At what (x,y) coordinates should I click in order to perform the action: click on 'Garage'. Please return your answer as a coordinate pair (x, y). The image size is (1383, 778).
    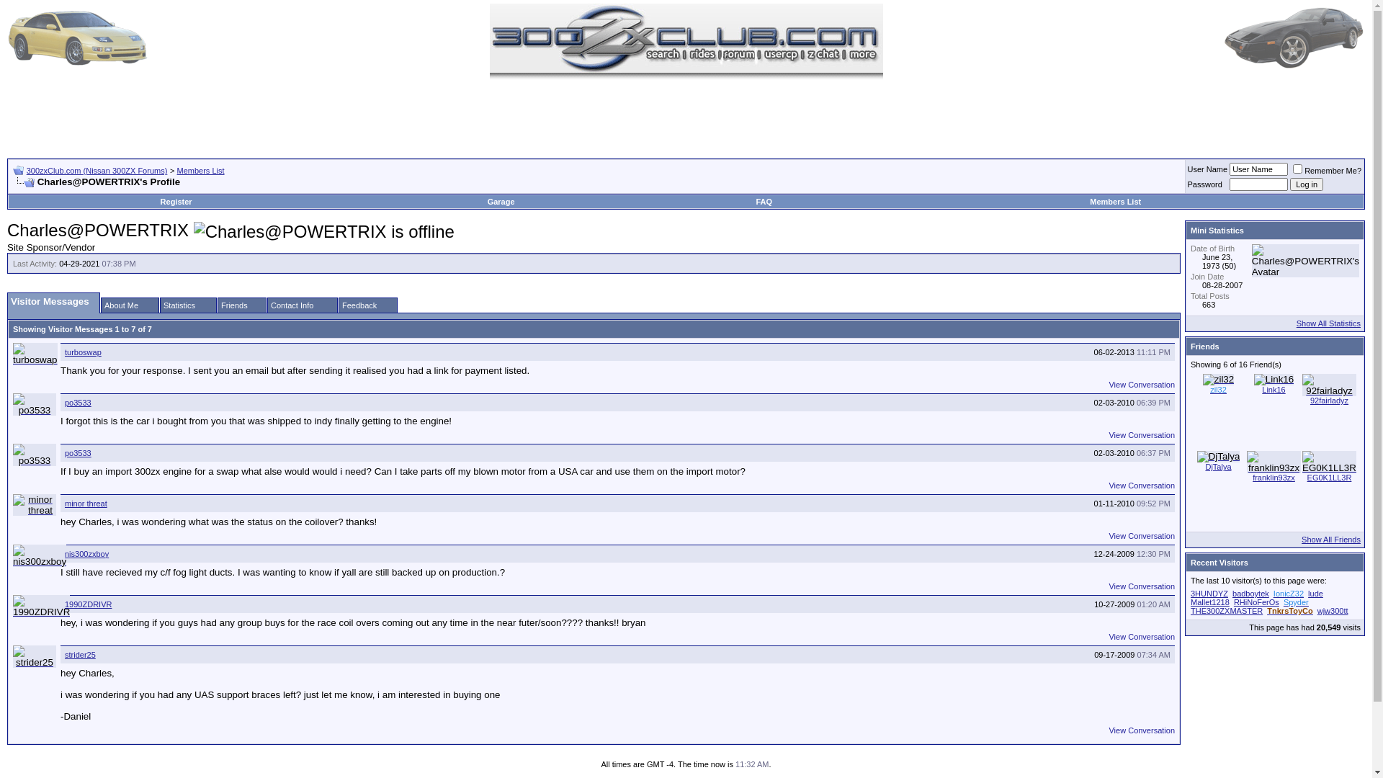
    Looking at the image, I should click on (487, 202).